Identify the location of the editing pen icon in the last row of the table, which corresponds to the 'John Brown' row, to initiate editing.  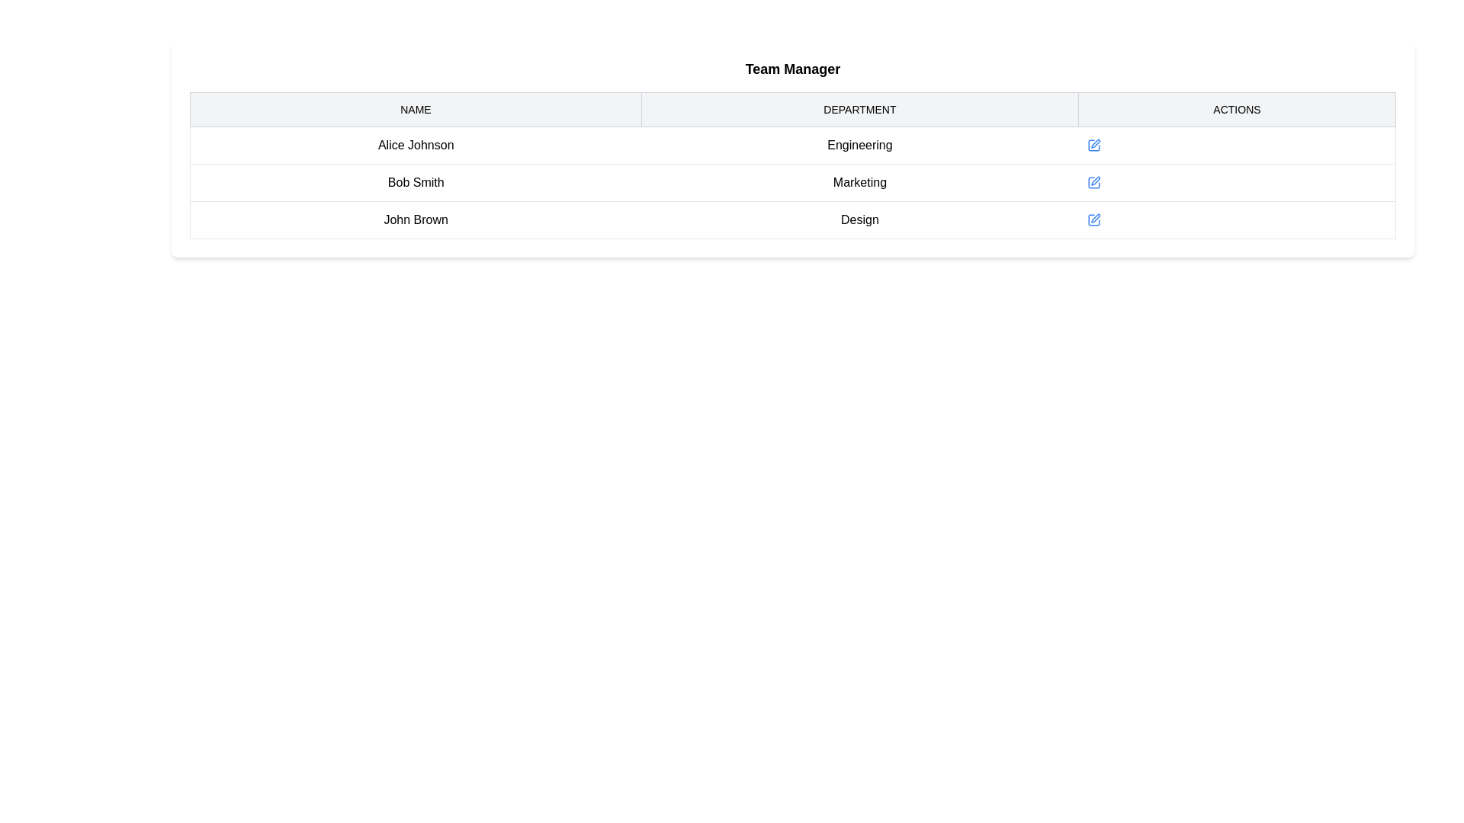
(1093, 220).